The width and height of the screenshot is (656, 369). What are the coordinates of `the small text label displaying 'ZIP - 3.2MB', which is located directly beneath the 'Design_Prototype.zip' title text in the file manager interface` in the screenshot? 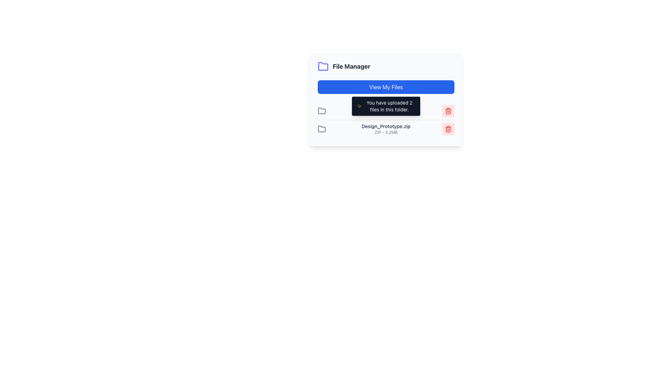 It's located at (386, 133).